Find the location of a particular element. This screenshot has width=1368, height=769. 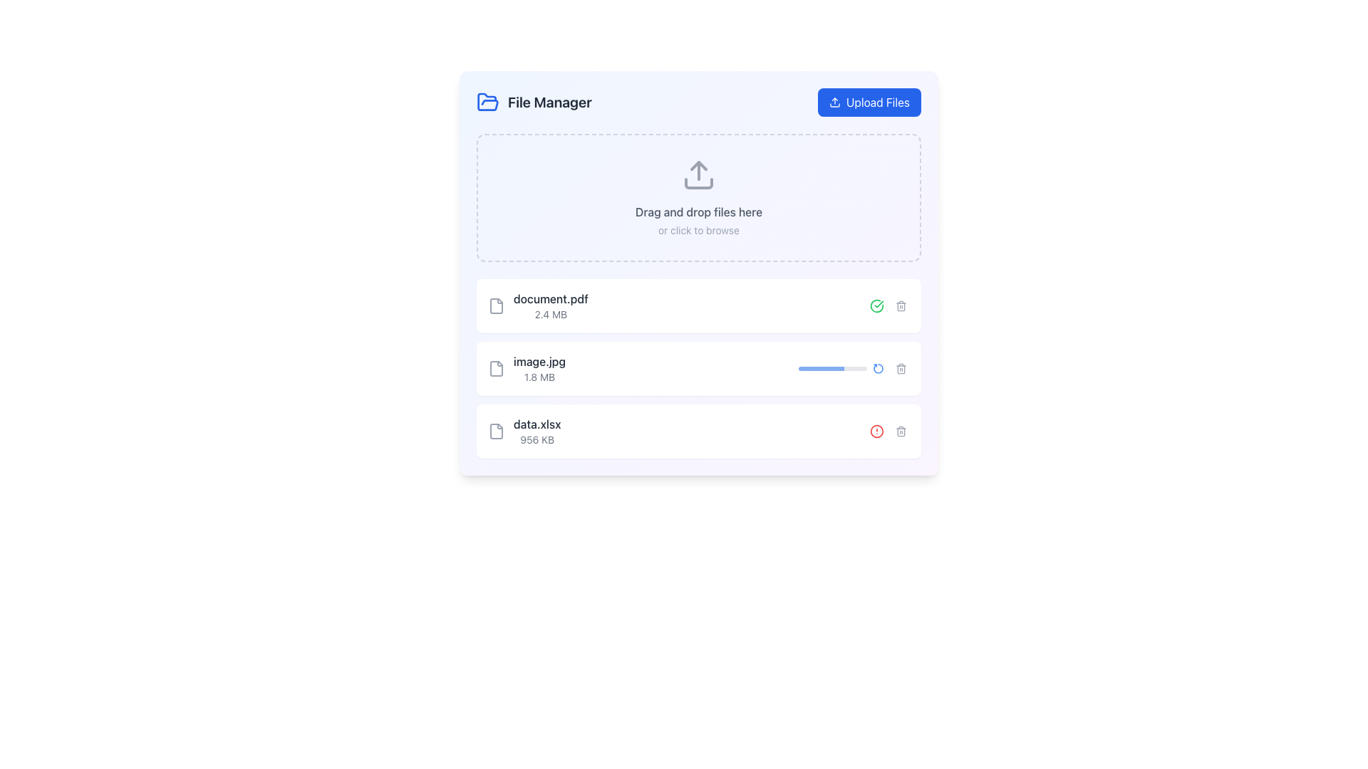

the upload confirmation icon located on the right-hand side of the second row in the file list is located at coordinates (876, 305).